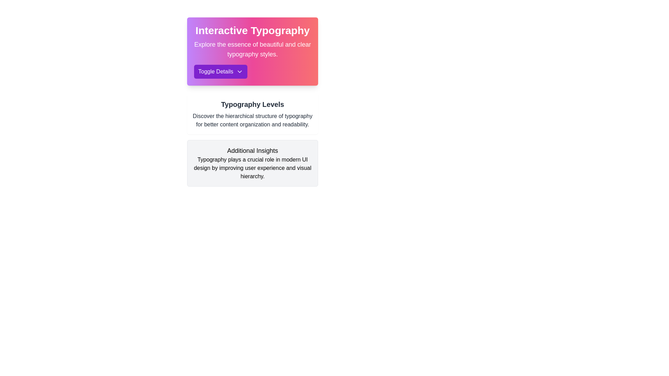  I want to click on the 'Typography Levels' heading element, which is a prominent bold text at the top of a white card, so click(252, 104).